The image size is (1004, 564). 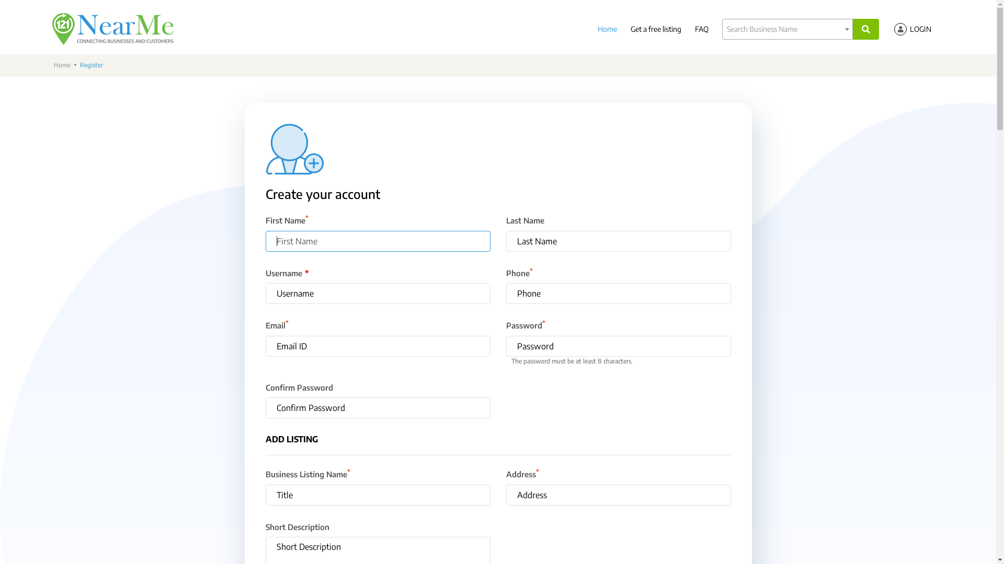 I want to click on 'Home', so click(x=61, y=65).